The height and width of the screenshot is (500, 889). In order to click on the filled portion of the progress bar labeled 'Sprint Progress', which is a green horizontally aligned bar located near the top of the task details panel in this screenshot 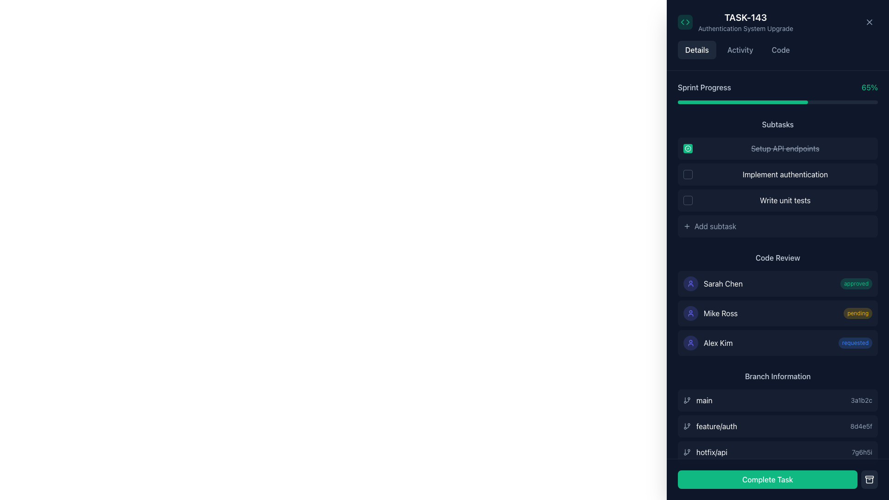, I will do `click(743, 102)`.